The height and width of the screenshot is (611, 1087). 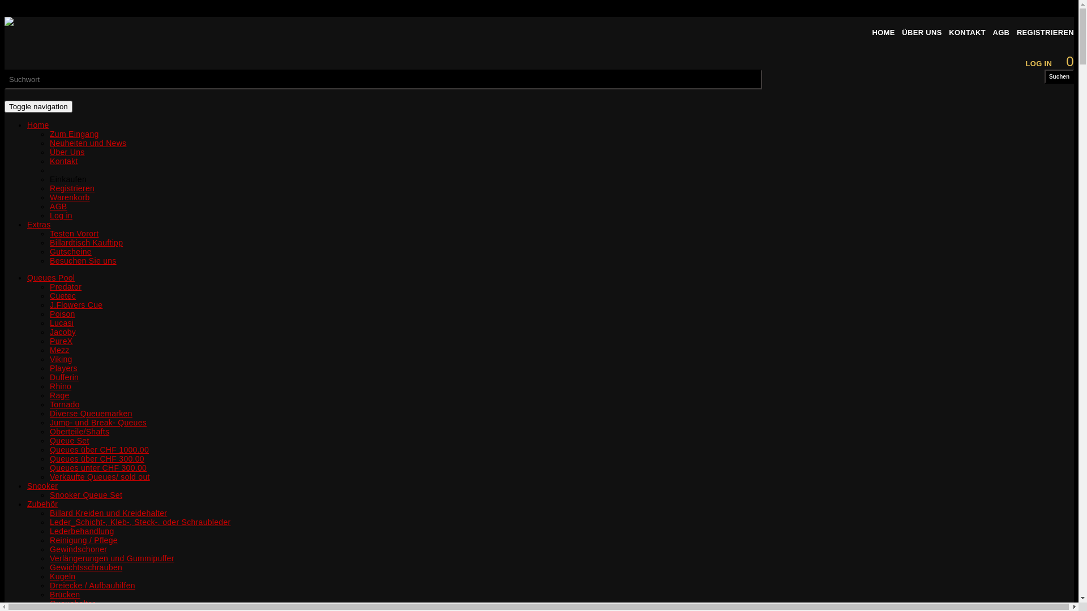 I want to click on 'Lederbehandlung', so click(x=81, y=531).